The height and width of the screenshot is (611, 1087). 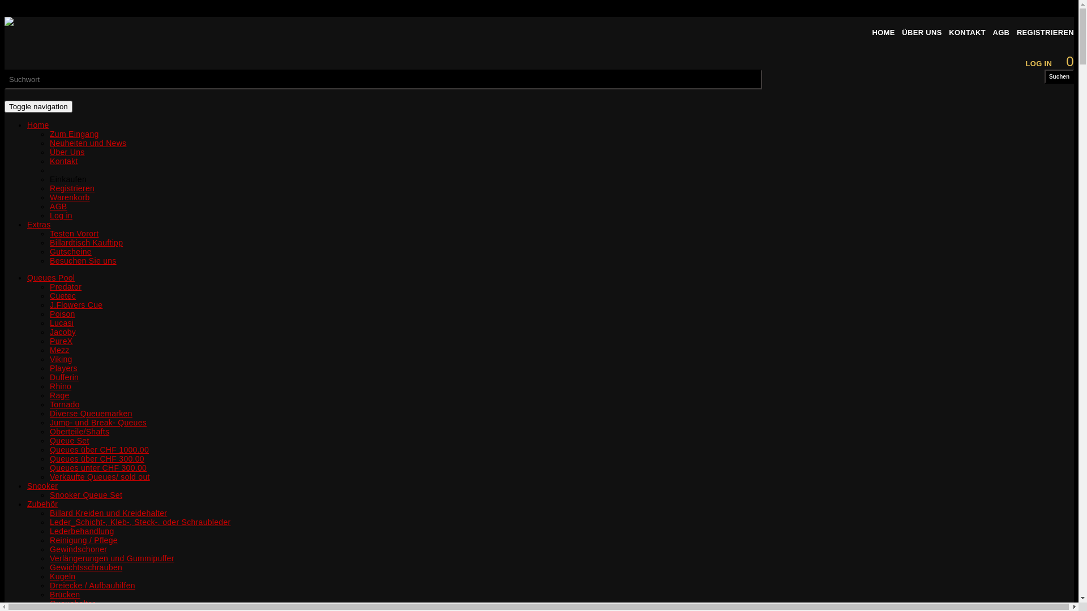 I want to click on 'Lederbehandlung', so click(x=81, y=531).